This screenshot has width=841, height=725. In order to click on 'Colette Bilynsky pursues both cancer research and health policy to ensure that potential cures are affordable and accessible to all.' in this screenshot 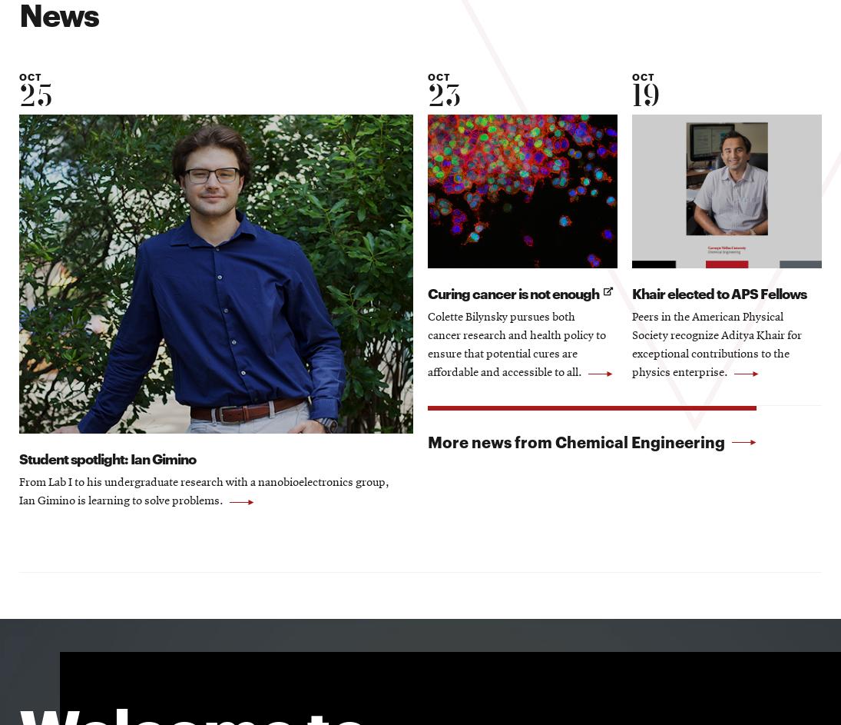, I will do `click(516, 347)`.